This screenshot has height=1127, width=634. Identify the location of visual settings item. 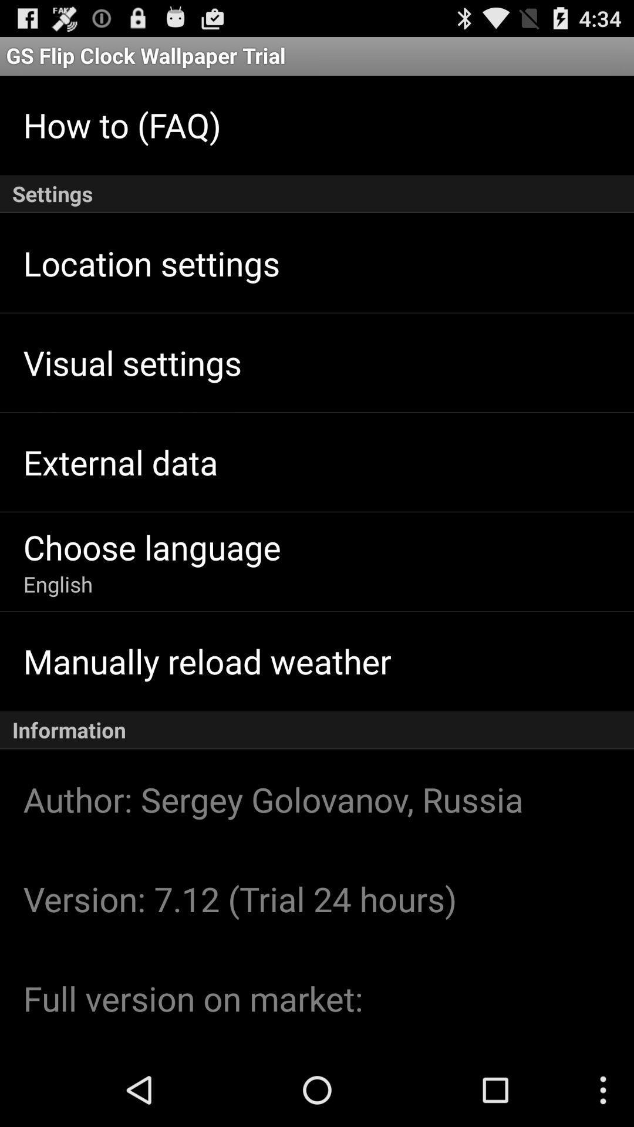
(132, 362).